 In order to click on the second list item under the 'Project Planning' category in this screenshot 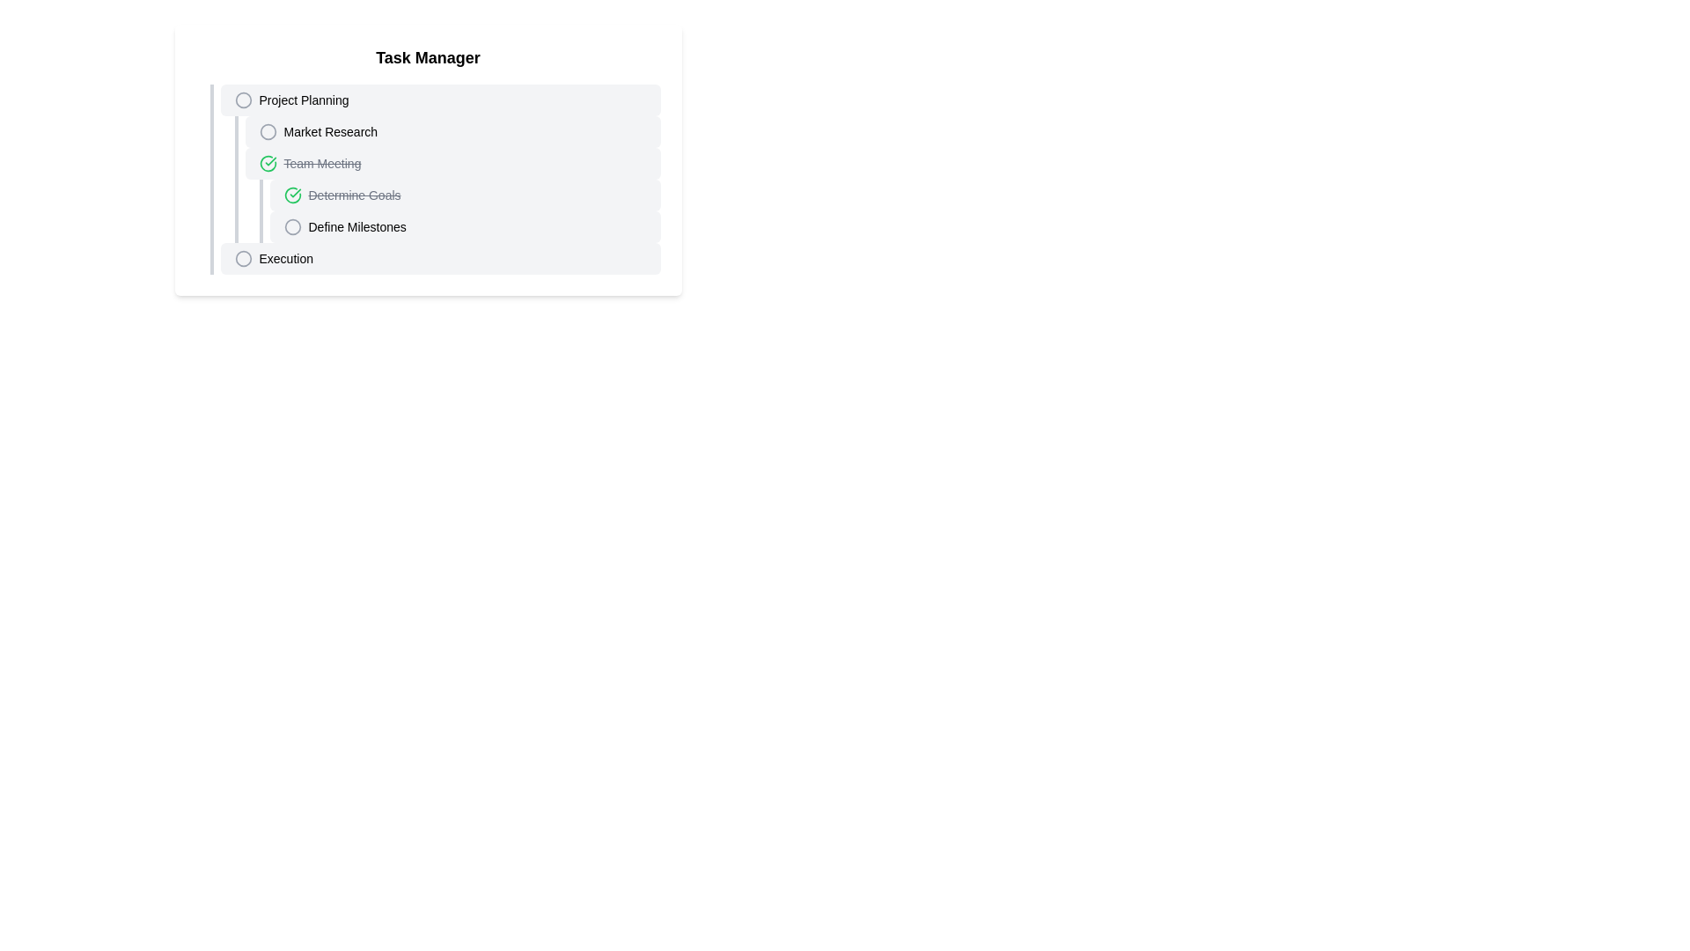, I will do `click(452, 131)`.